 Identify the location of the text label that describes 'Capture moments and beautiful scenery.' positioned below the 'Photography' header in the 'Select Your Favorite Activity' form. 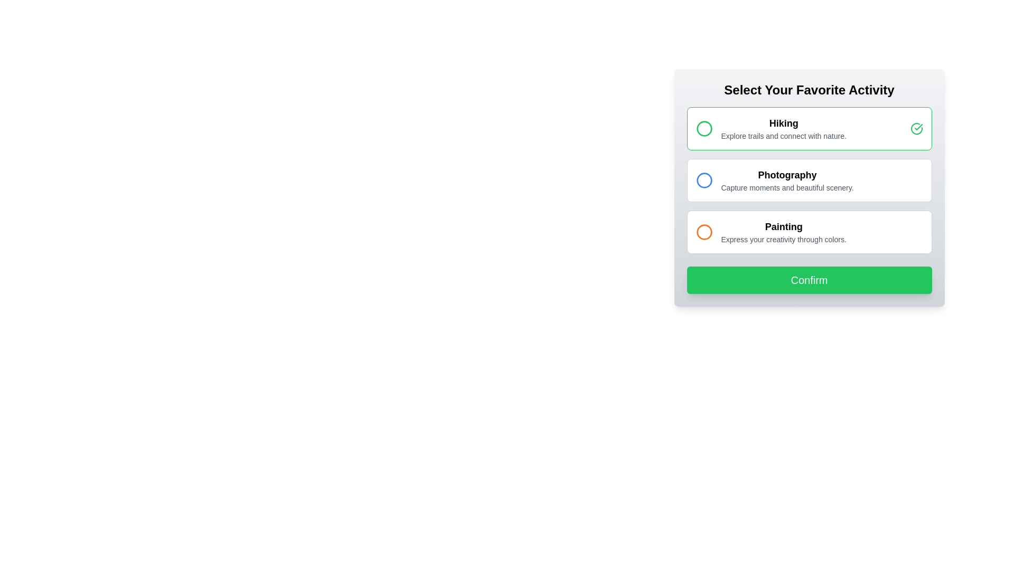
(787, 187).